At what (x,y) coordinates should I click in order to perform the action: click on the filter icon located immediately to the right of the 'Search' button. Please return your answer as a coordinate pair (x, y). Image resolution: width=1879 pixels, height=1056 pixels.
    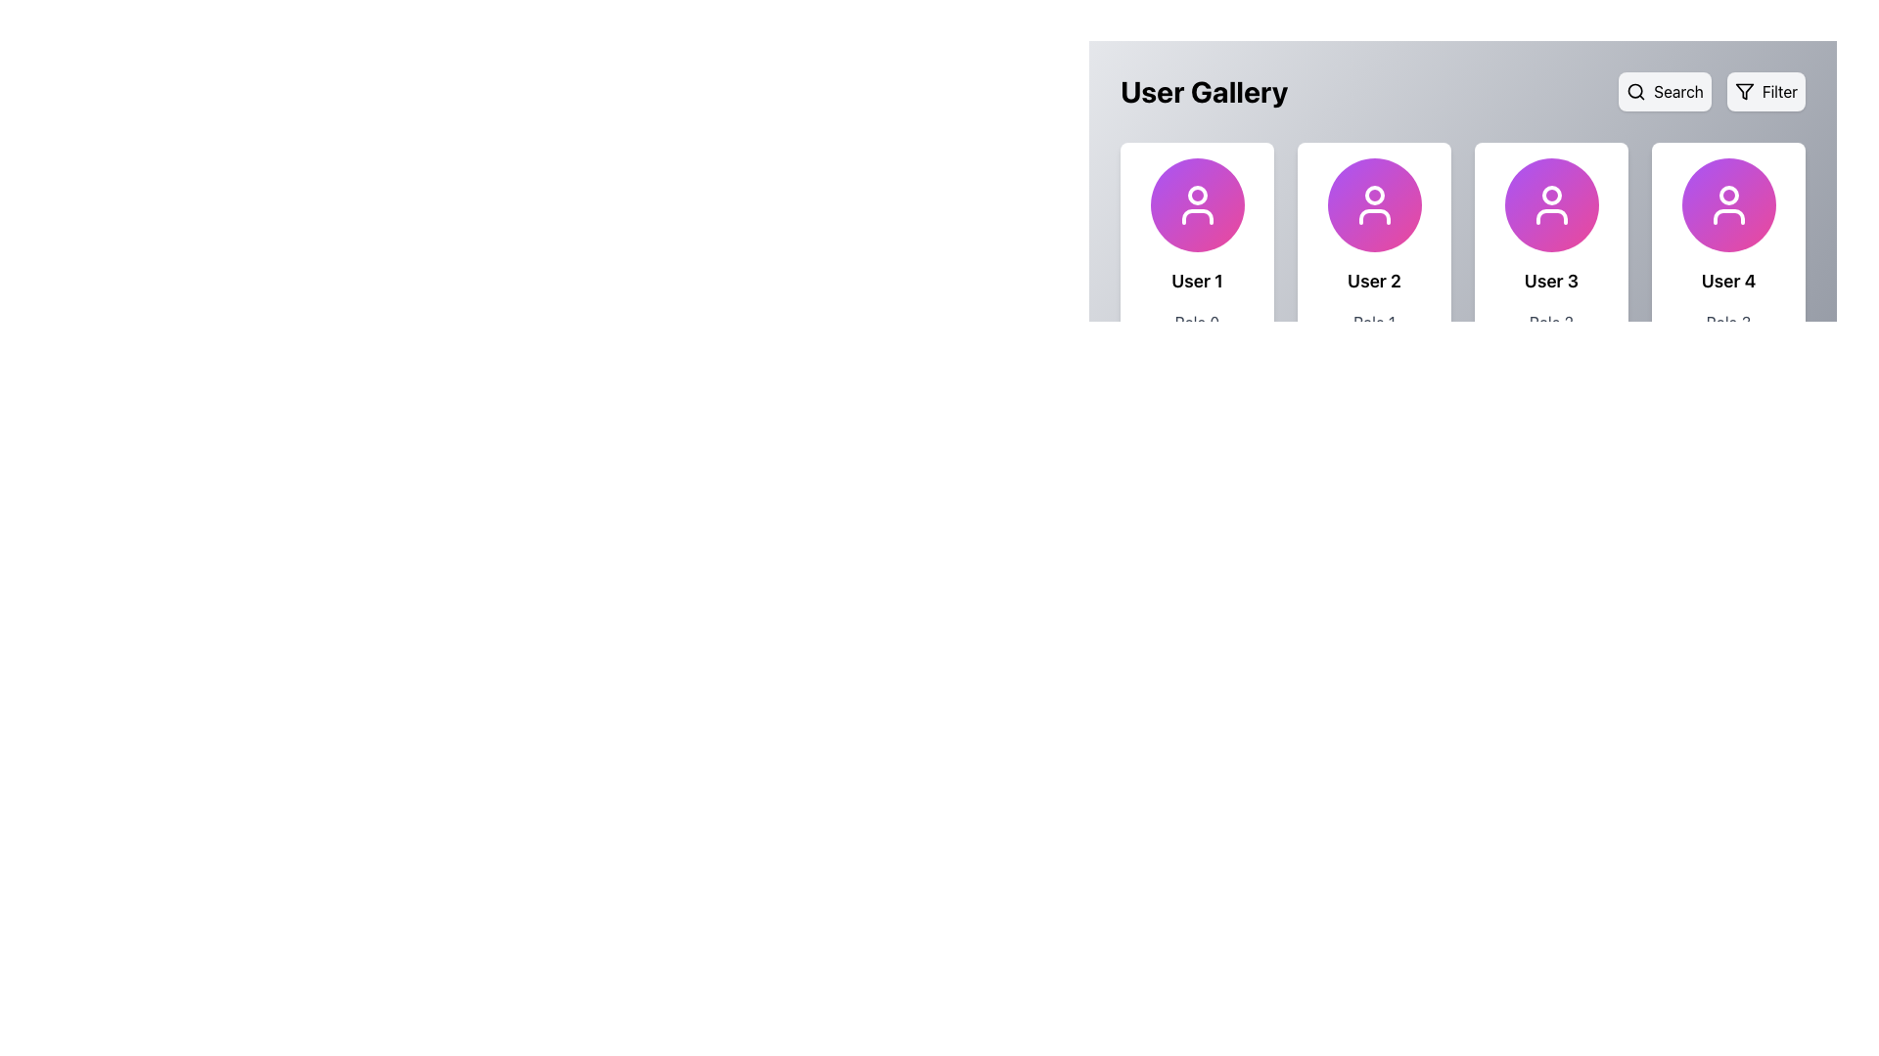
    Looking at the image, I should click on (1744, 91).